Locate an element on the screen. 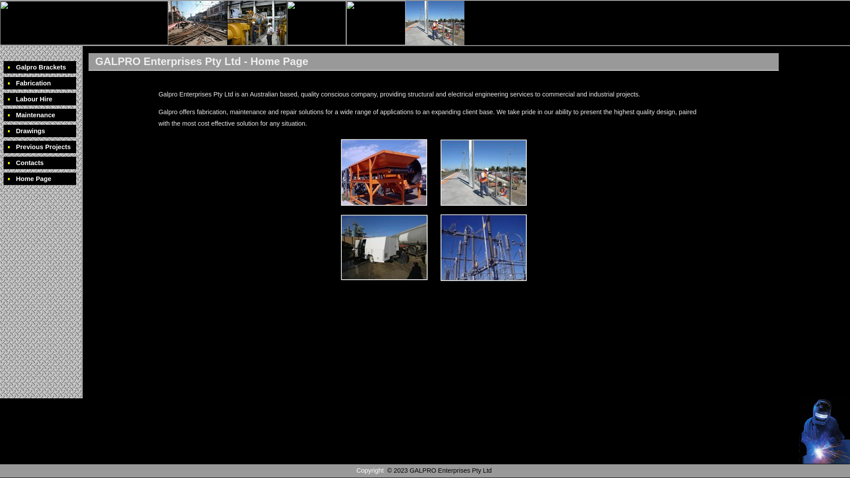  'Previous Projects' is located at coordinates (4, 146).